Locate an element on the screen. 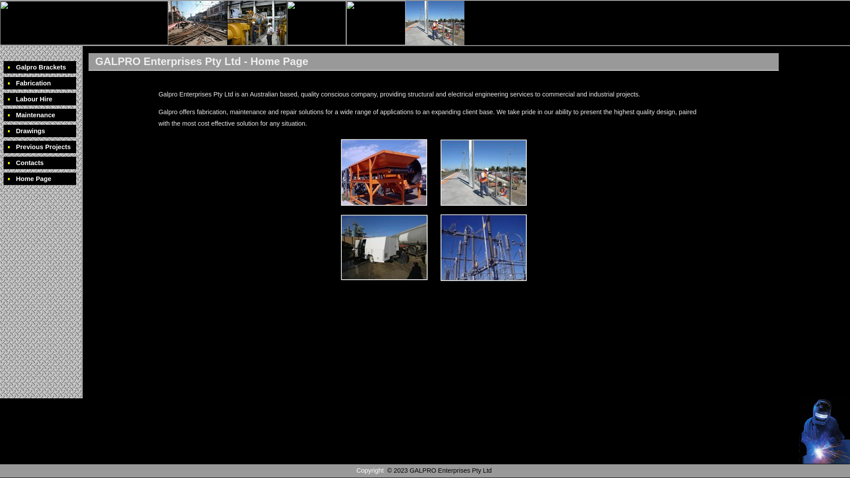  'Previous Projects' is located at coordinates (4, 146).